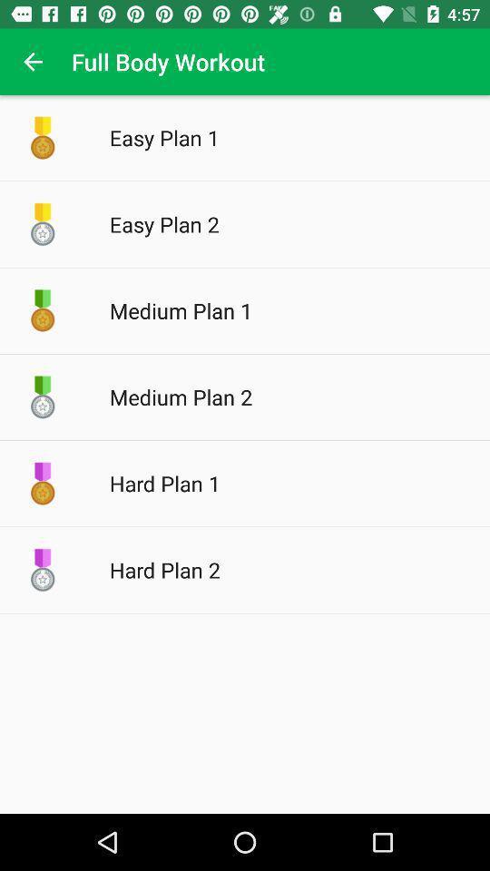 This screenshot has height=871, width=490. What do you see at coordinates (43, 569) in the screenshot?
I see `the icon on left to the button hard plan 2 on the web page` at bounding box center [43, 569].